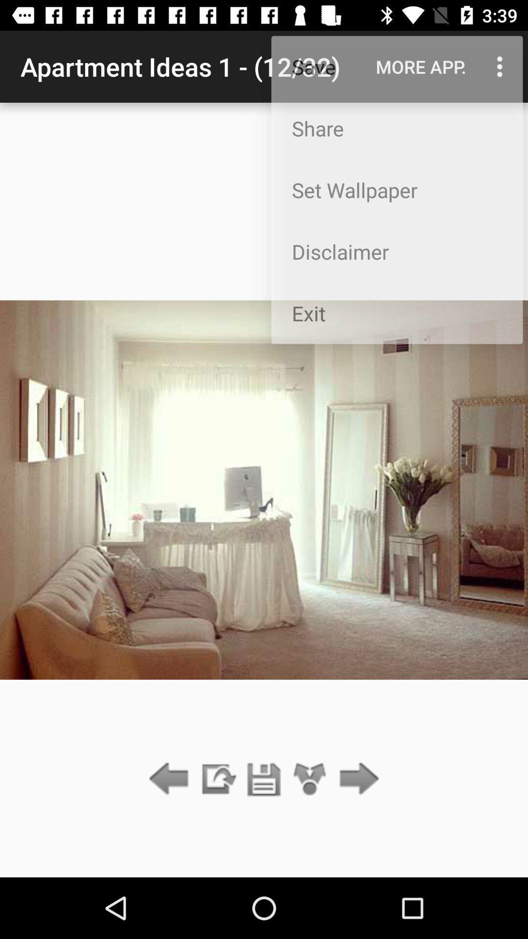 This screenshot has height=939, width=528. Describe the element at coordinates (264, 779) in the screenshot. I see `the save icon` at that location.